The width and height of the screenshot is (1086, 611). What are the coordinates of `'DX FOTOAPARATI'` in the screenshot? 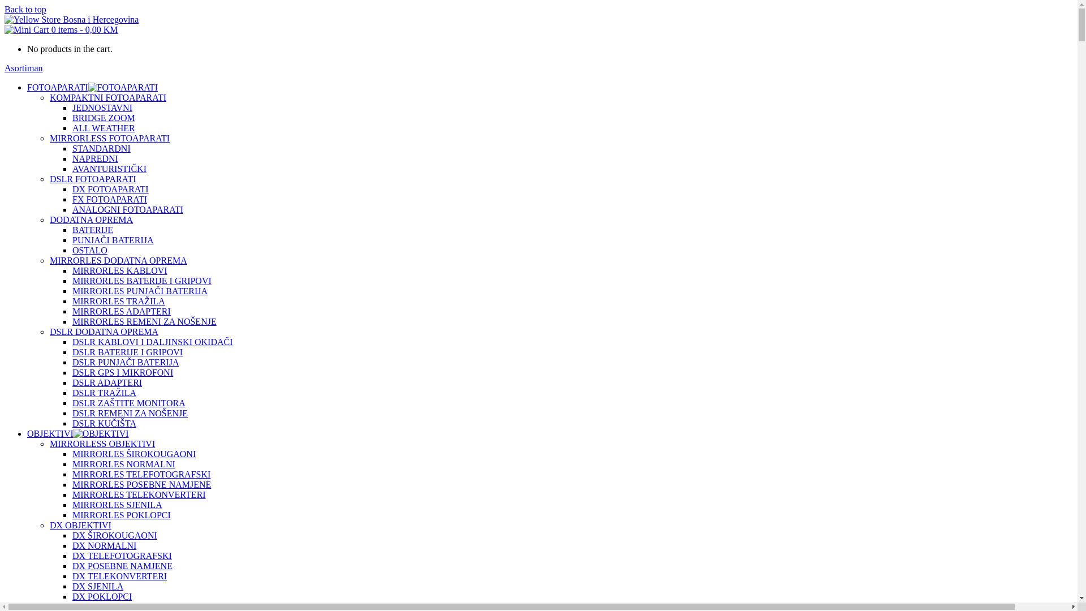 It's located at (110, 188).